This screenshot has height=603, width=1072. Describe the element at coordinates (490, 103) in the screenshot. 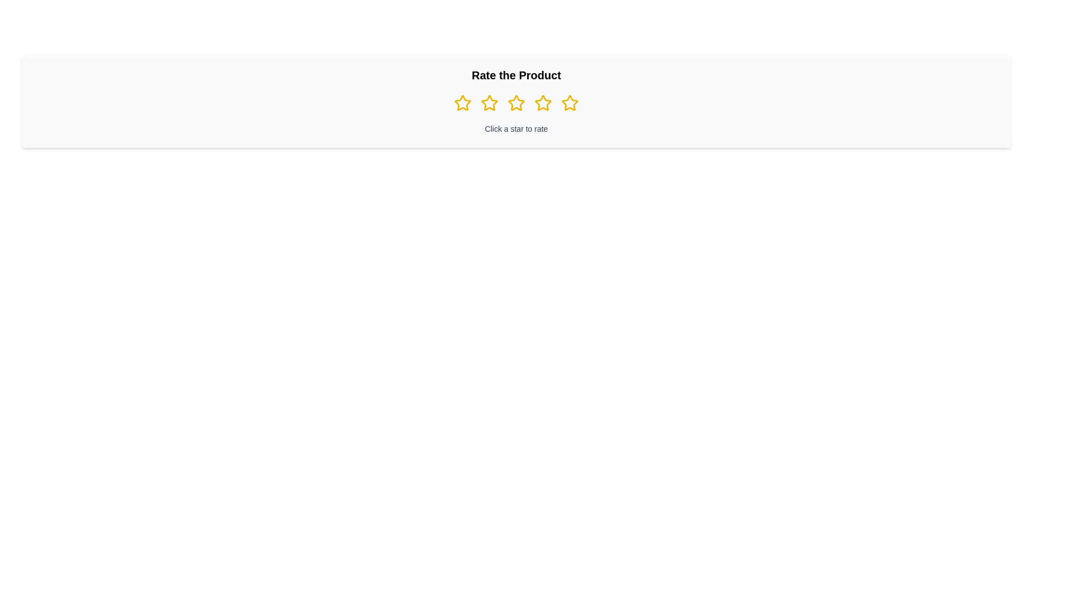

I see `the second yellow star icon in the rating component` at that location.